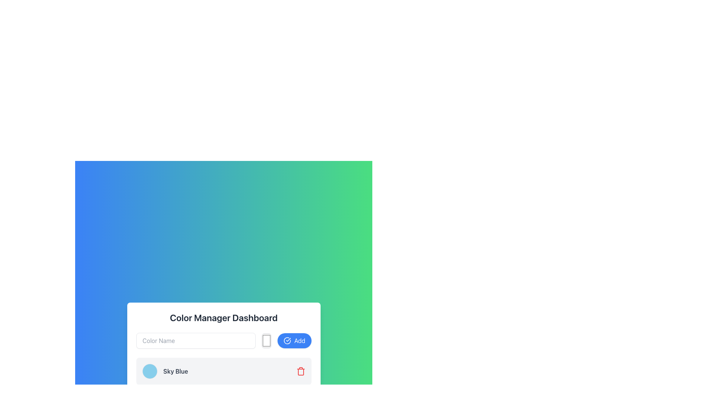  I want to click on the bright blue 'Add' button with a white checkmark icon, so click(294, 341).